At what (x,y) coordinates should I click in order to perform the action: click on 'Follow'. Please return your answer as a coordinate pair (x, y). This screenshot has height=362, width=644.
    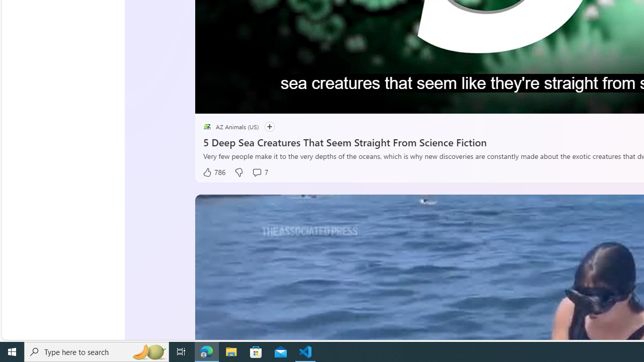
    Looking at the image, I should click on (265, 126).